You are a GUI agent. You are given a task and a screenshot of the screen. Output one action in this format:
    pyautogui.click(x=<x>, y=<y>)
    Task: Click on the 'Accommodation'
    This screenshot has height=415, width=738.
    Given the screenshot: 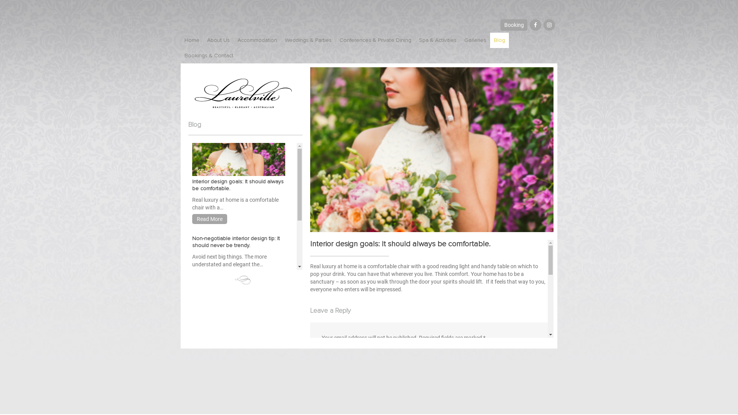 What is the action you would take?
    pyautogui.click(x=233, y=40)
    